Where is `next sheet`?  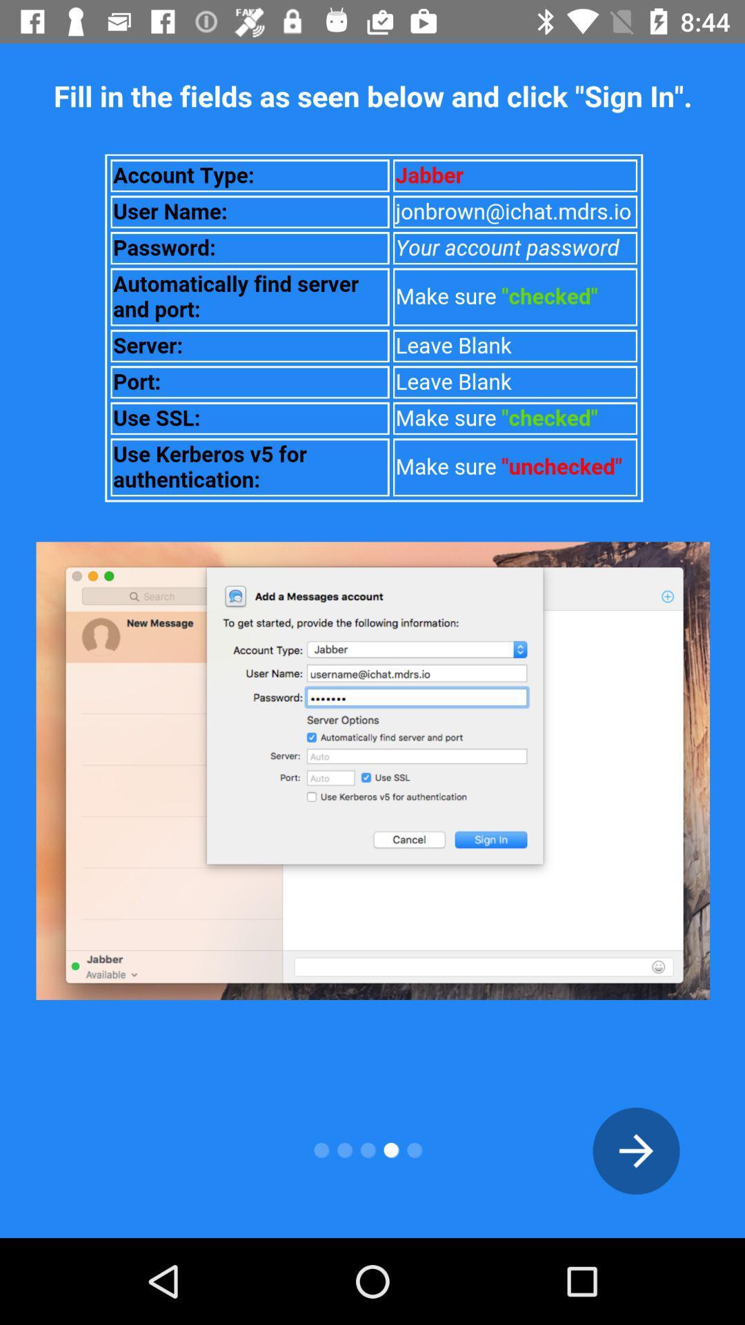 next sheet is located at coordinates (636, 1150).